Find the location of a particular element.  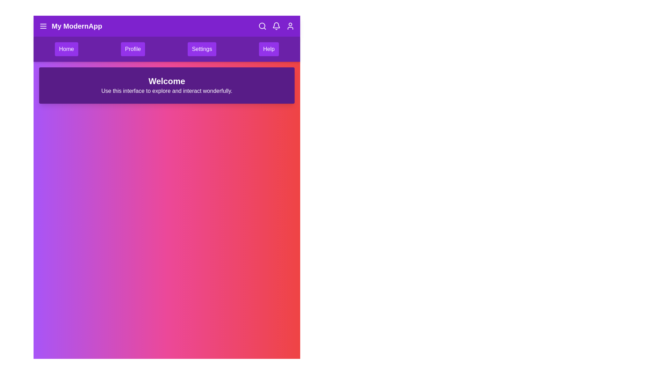

the menu icon to toggle the menu visibility is located at coordinates (43, 25).